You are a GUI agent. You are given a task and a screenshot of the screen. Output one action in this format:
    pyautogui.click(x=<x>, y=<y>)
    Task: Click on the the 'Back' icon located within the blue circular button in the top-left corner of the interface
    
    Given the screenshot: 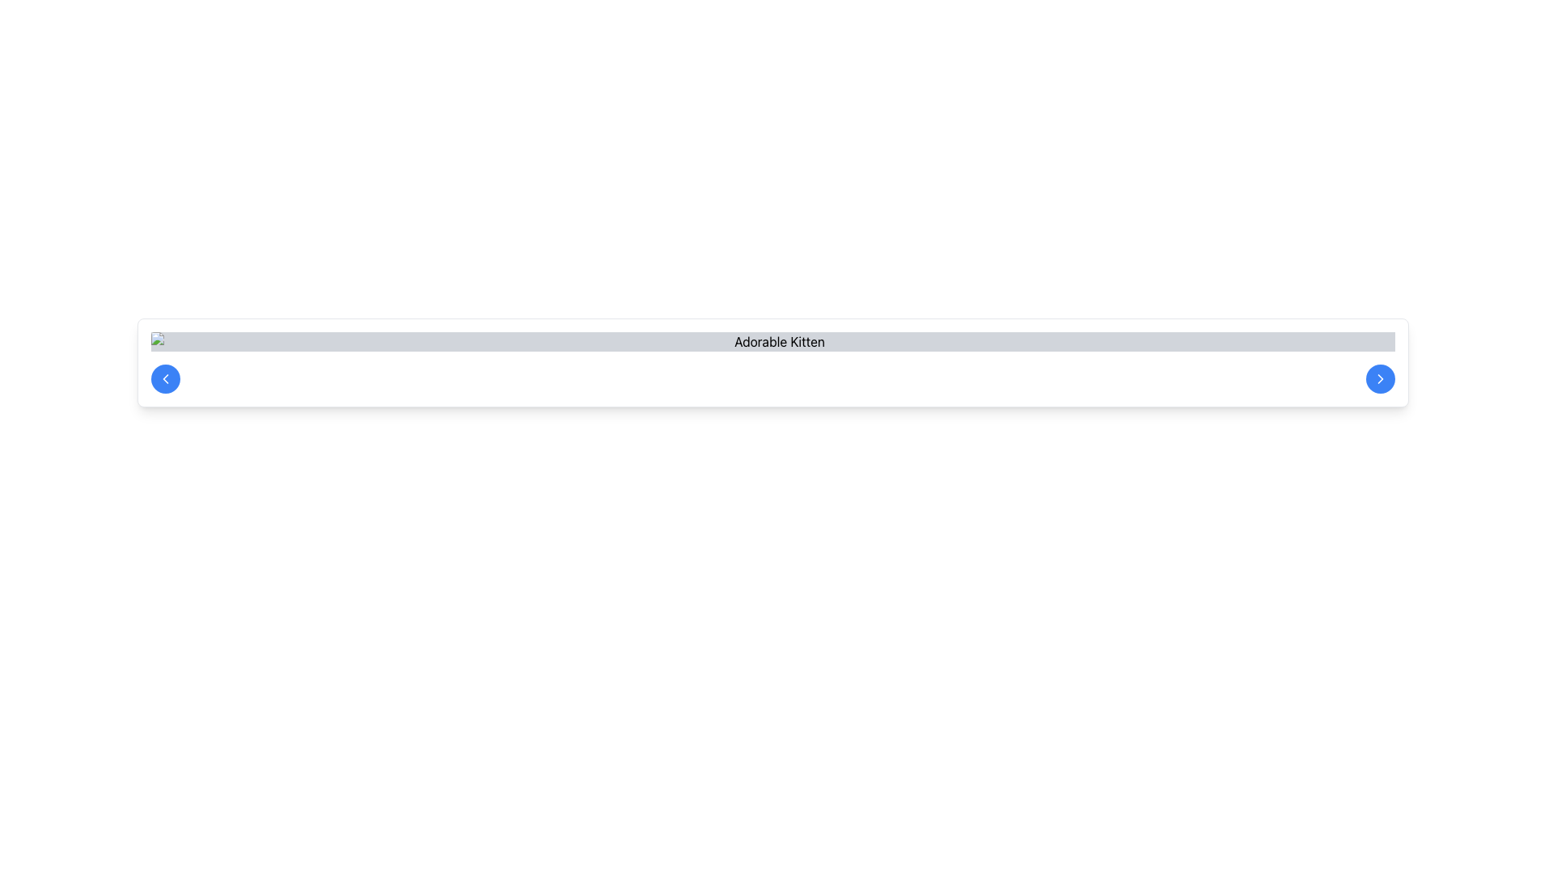 What is the action you would take?
    pyautogui.click(x=166, y=379)
    